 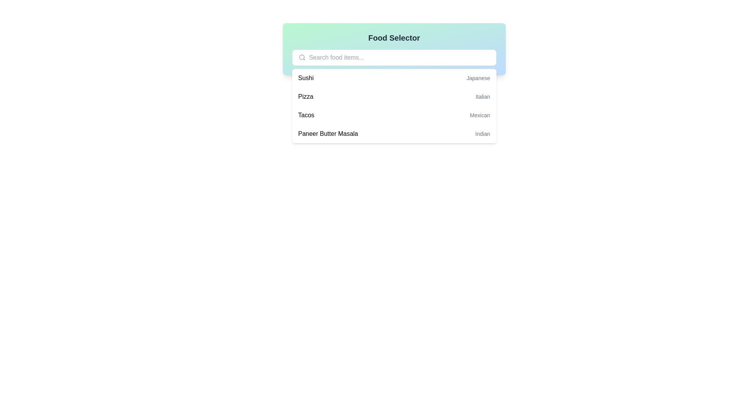 I want to click on the third list item in the dropdown menu that displays 'Tacos' in bold on the left and 'Mexican' in smaller gray font on the right, so click(x=394, y=115).